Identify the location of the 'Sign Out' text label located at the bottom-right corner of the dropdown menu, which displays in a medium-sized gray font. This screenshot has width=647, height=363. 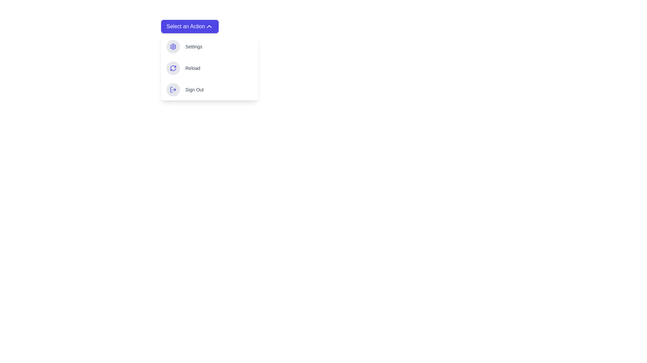
(194, 89).